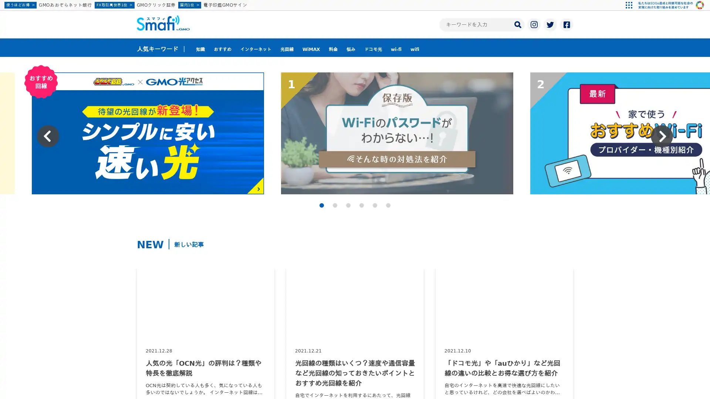 The height and width of the screenshot is (399, 710). I want to click on Previous, so click(47, 136).